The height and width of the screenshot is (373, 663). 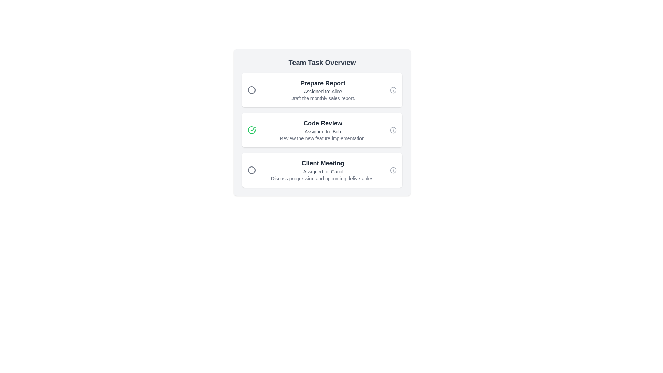 What do you see at coordinates (323, 91) in the screenshot?
I see `the text label displaying 'Assigned to: Alice' to analyze its content` at bounding box center [323, 91].